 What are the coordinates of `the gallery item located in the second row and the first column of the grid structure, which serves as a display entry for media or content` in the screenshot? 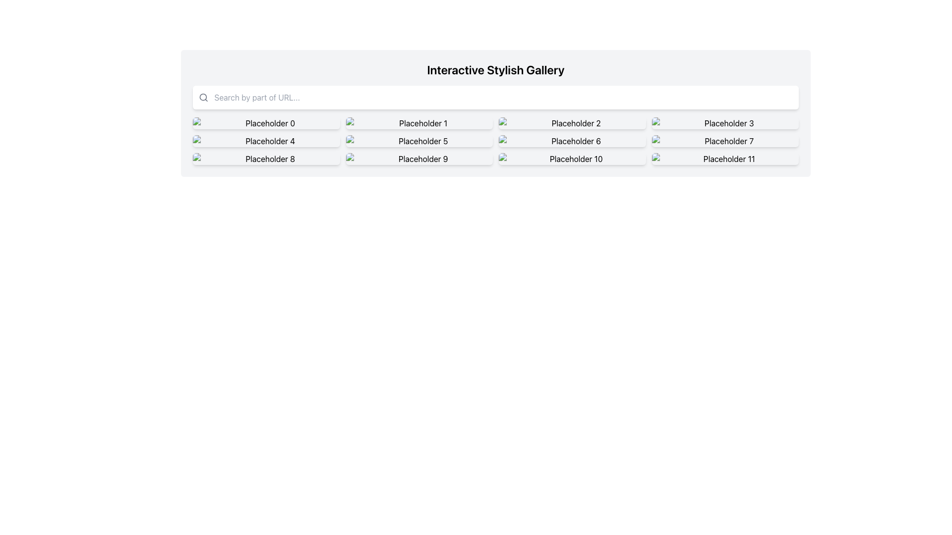 It's located at (266, 141).